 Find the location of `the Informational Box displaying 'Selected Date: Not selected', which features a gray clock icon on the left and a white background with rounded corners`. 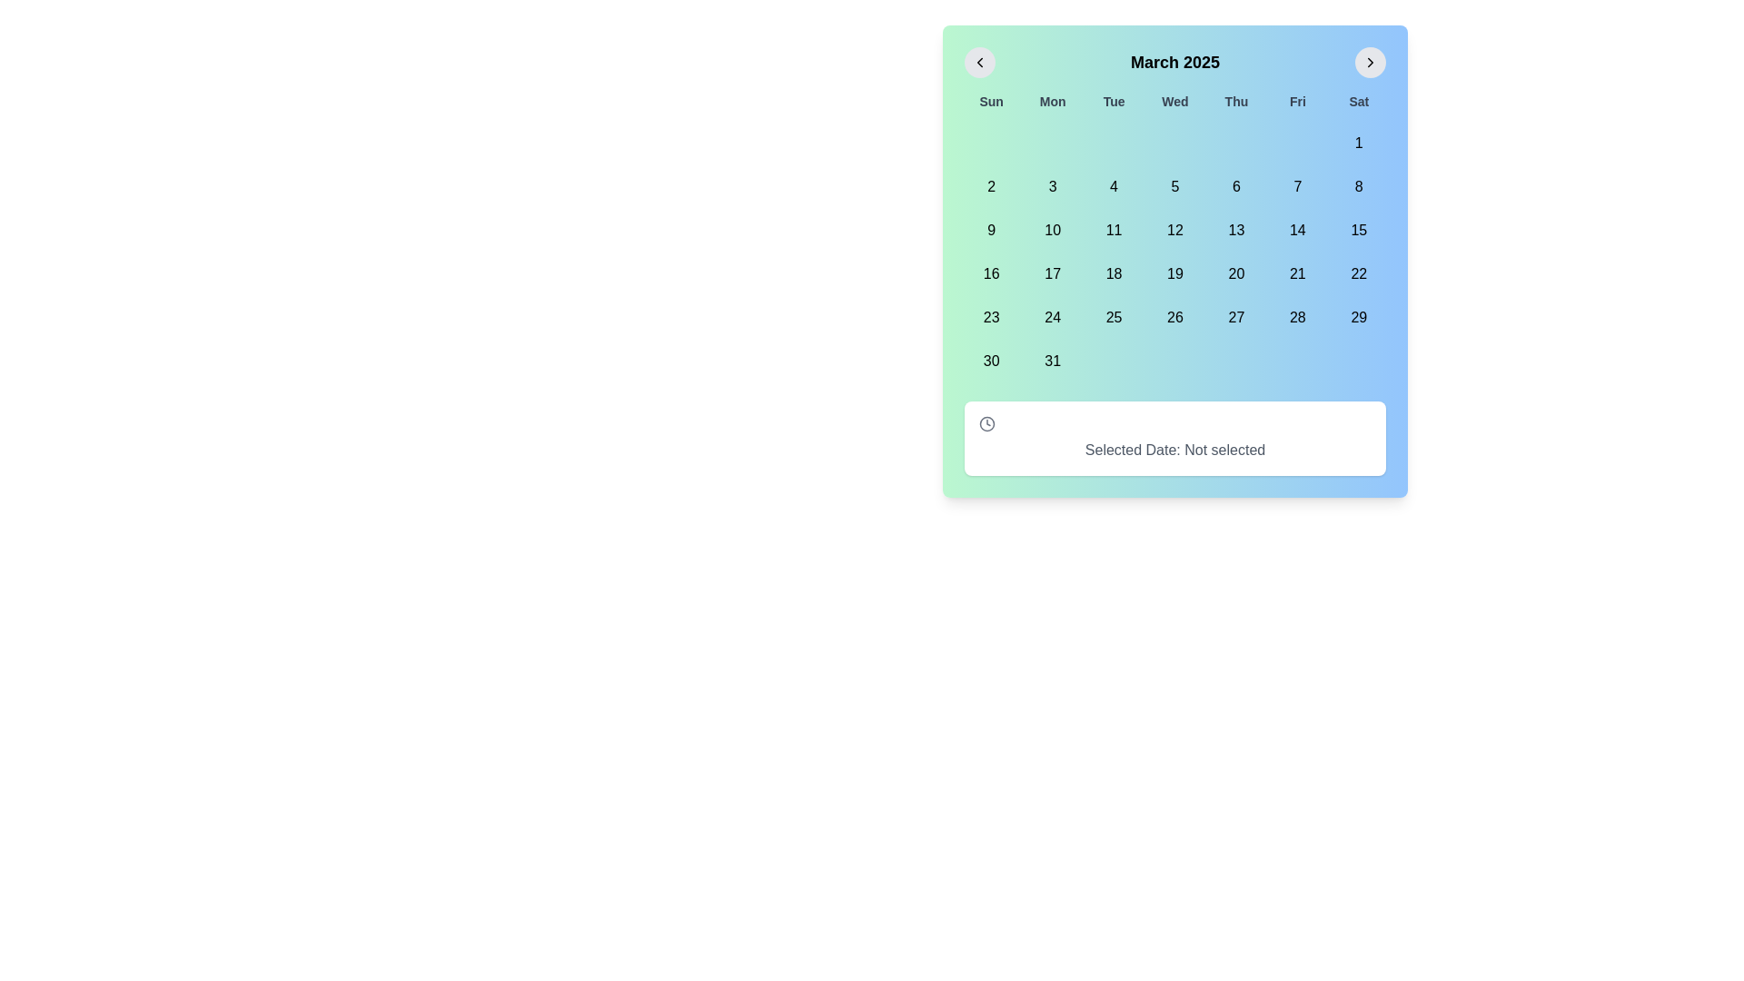

the Informational Box displaying 'Selected Date: Not selected', which features a gray clock icon on the left and a white background with rounded corners is located at coordinates (1175, 438).